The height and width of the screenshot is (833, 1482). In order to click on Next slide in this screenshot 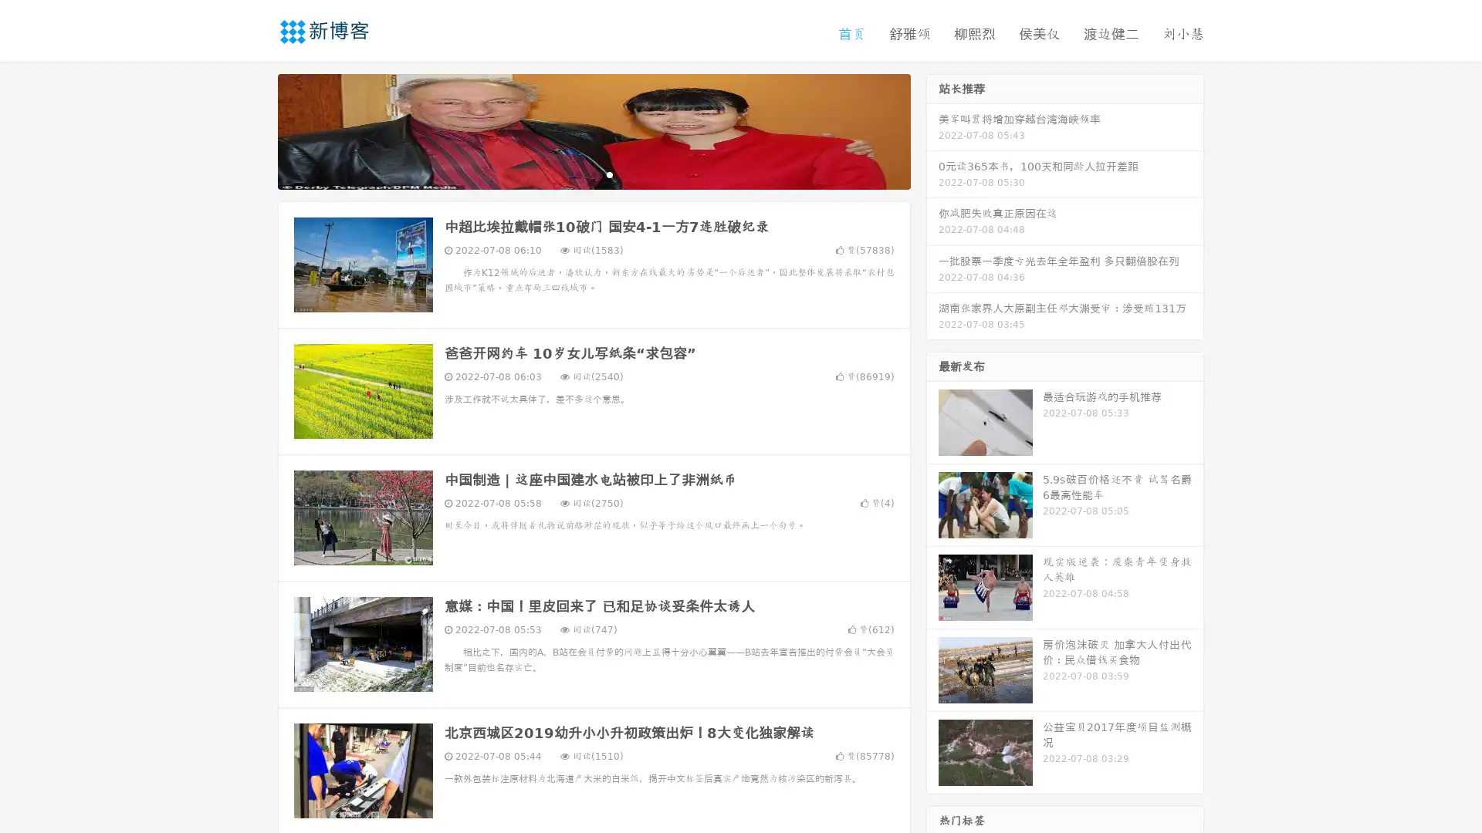, I will do `click(932, 130)`.